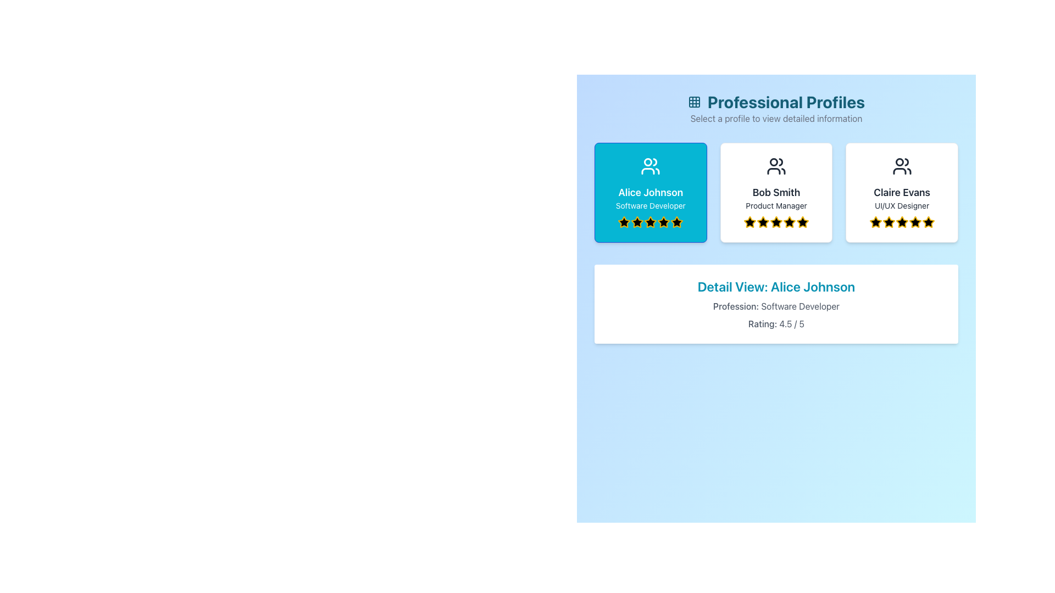  Describe the element at coordinates (775, 166) in the screenshot. I see `the icon representing two stylized human figures, which is centrally placed in the middle card above the text 'Bob Smith' and 'Product Manager'` at that location.